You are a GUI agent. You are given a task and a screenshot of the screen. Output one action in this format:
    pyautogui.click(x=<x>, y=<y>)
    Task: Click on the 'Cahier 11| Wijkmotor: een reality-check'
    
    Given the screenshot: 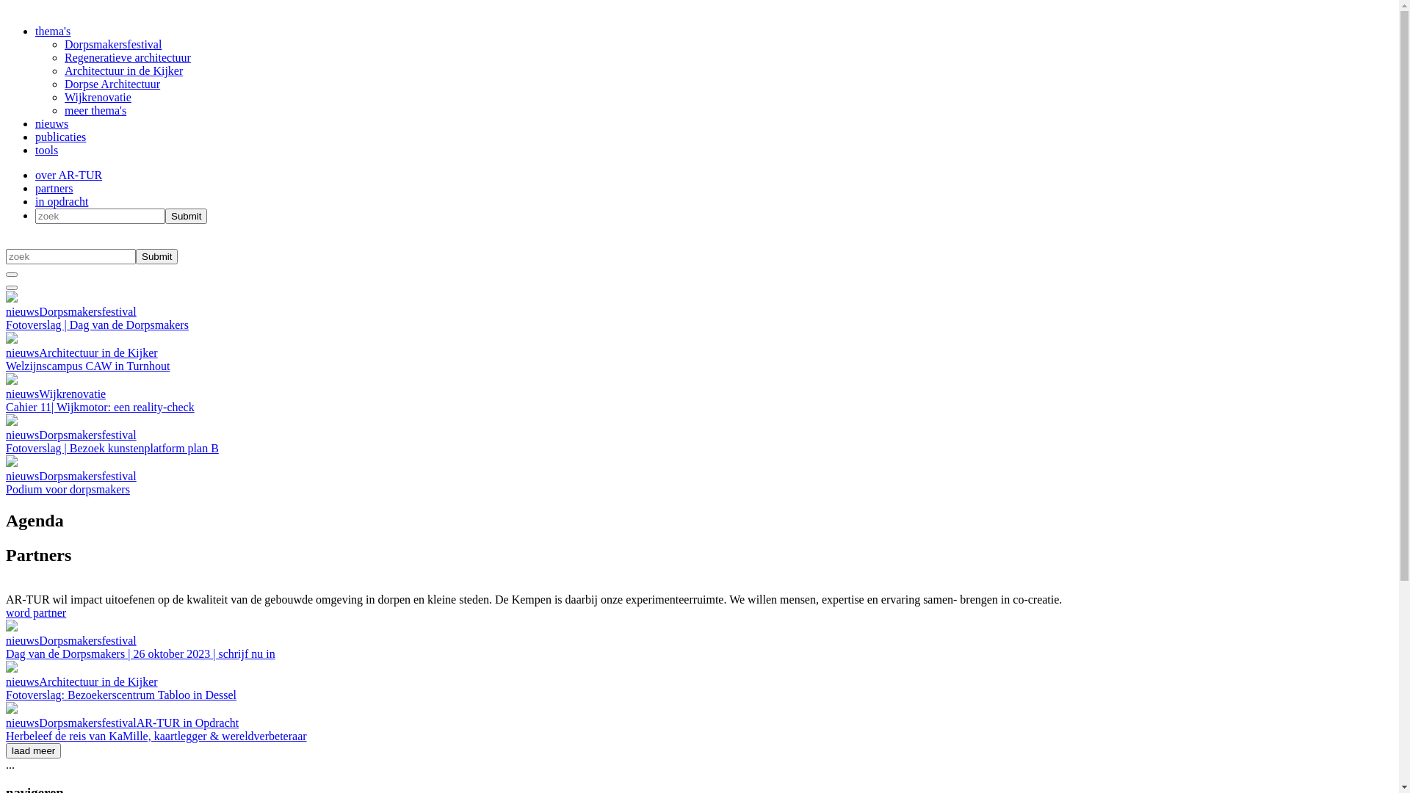 What is the action you would take?
    pyautogui.click(x=6, y=407)
    